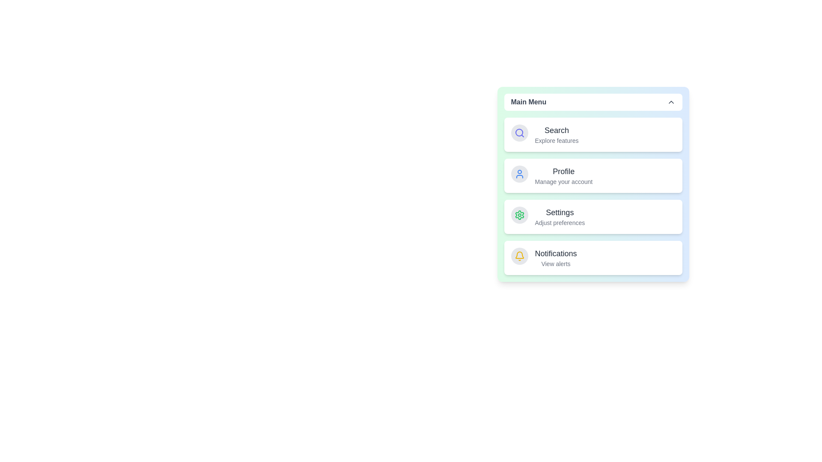 The width and height of the screenshot is (822, 462). Describe the element at coordinates (557, 175) in the screenshot. I see `the menu item Profile from the list` at that location.